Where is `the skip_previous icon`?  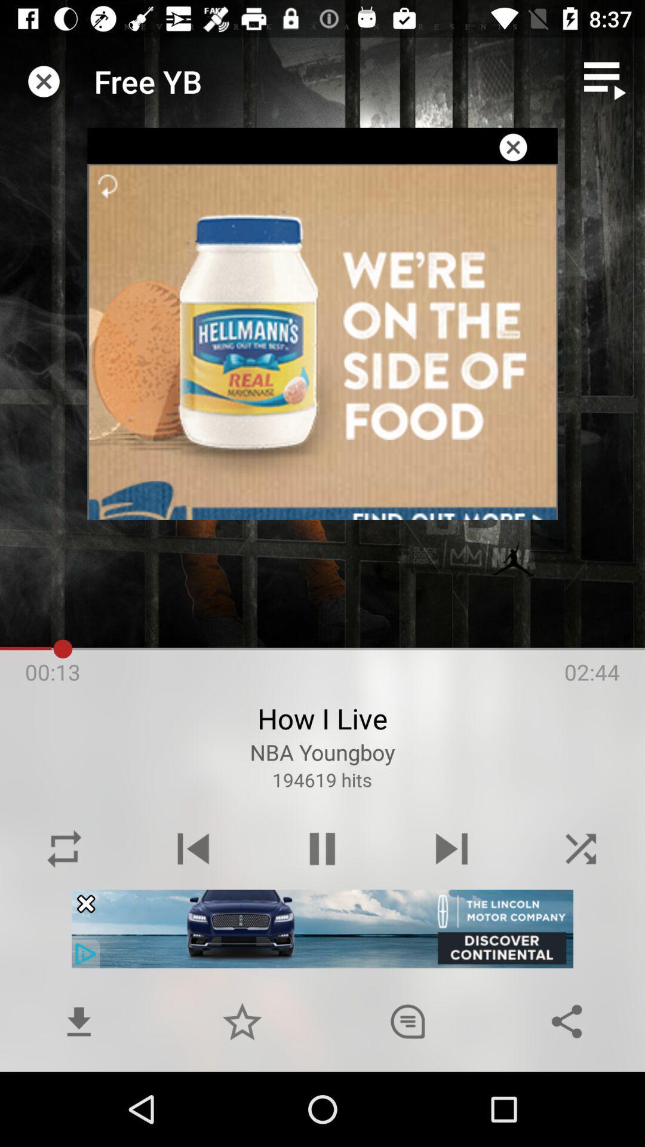 the skip_previous icon is located at coordinates (193, 848).